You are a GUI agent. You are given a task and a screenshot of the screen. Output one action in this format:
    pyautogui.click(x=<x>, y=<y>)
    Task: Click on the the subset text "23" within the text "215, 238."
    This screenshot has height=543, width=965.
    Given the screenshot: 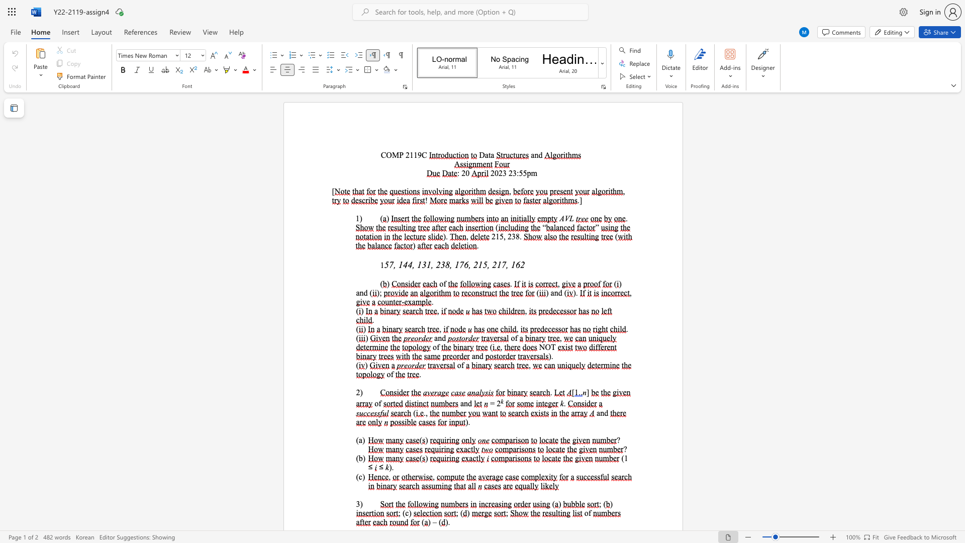 What is the action you would take?
    pyautogui.click(x=508, y=236)
    